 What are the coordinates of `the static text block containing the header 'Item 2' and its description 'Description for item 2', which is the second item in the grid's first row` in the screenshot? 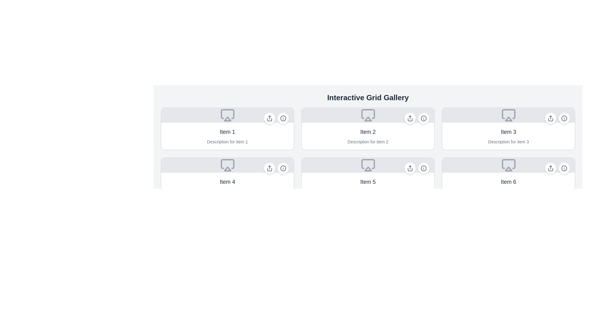 It's located at (368, 136).